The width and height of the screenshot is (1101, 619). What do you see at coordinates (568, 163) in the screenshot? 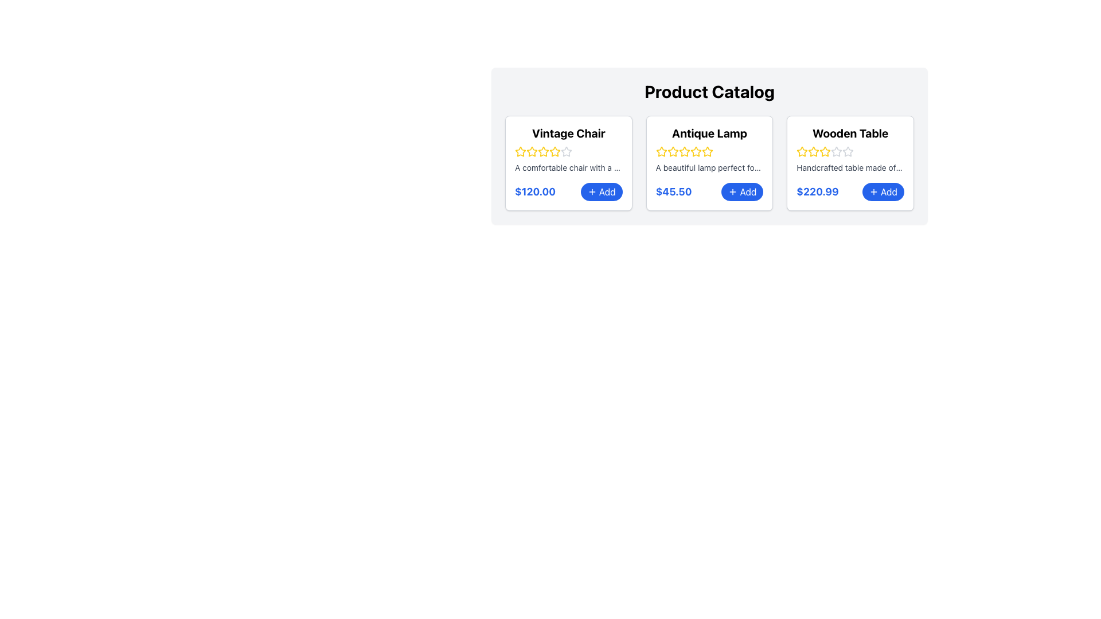
I see `the title or rating on the leftmost product card in the Product Catalog` at bounding box center [568, 163].